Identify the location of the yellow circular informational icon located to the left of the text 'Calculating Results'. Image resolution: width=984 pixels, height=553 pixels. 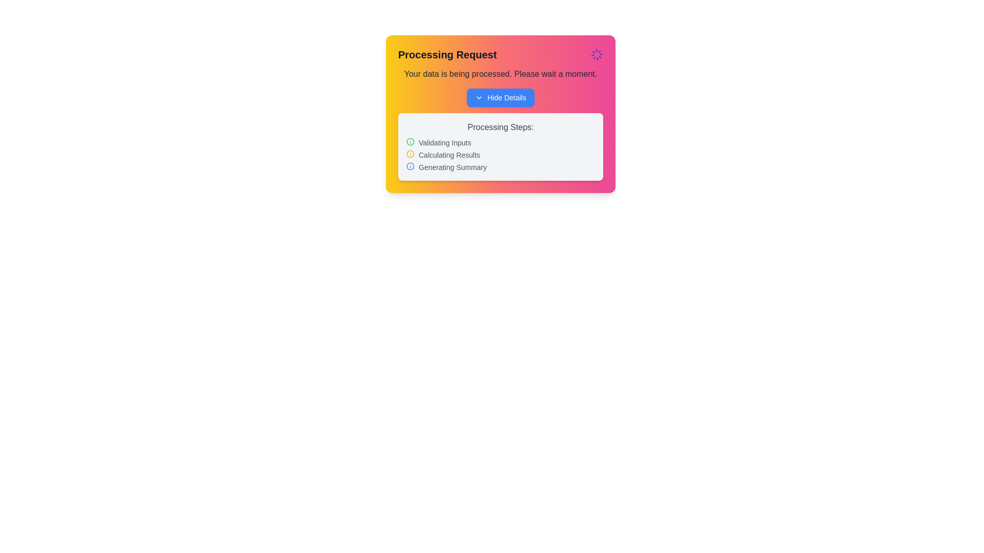
(411, 154).